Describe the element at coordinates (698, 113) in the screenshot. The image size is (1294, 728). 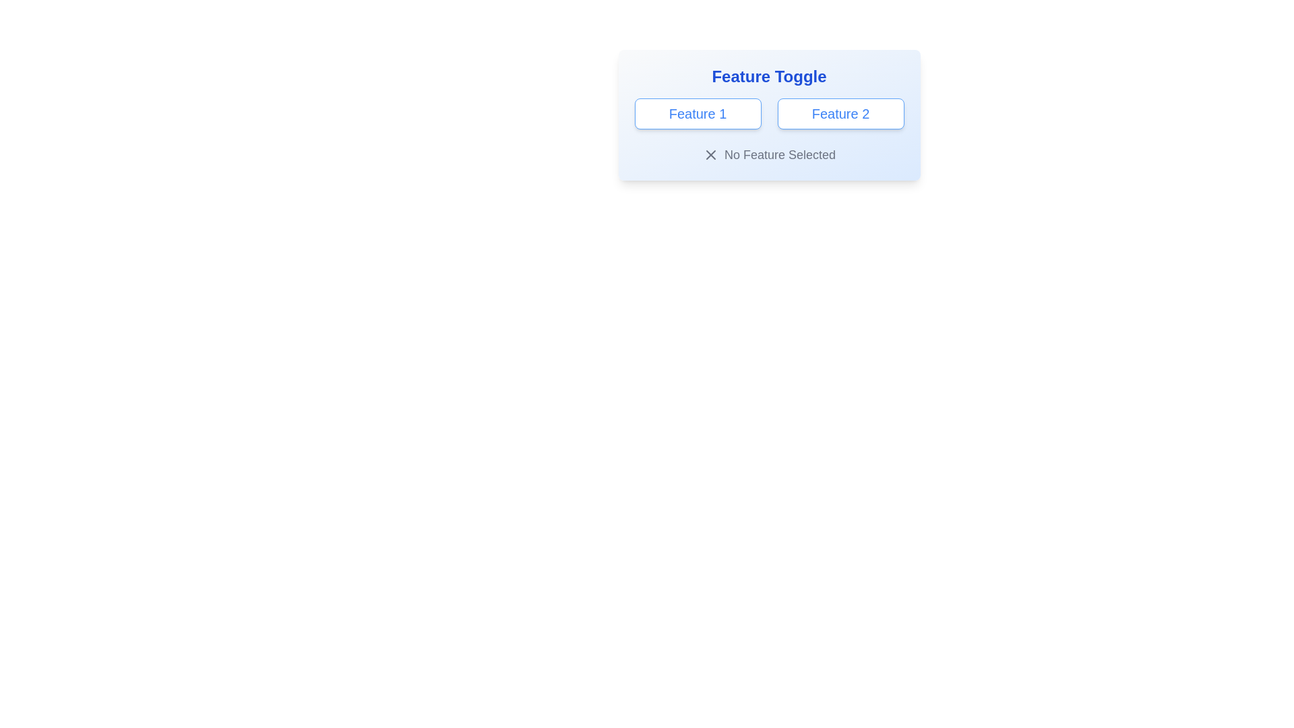
I see `the 'Feature 1' toggle button to observe its hover effects` at that location.